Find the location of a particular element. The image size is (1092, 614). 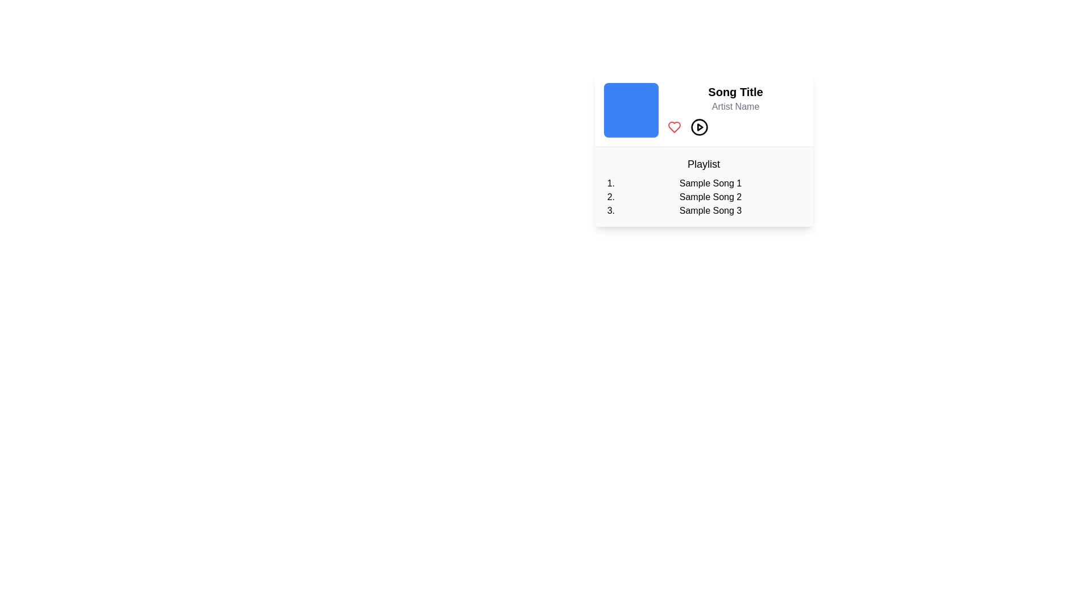

the play button located as the second icon in the row of interactive icons under the 'Song Title' and 'Artist Name' labels is located at coordinates (698, 127).